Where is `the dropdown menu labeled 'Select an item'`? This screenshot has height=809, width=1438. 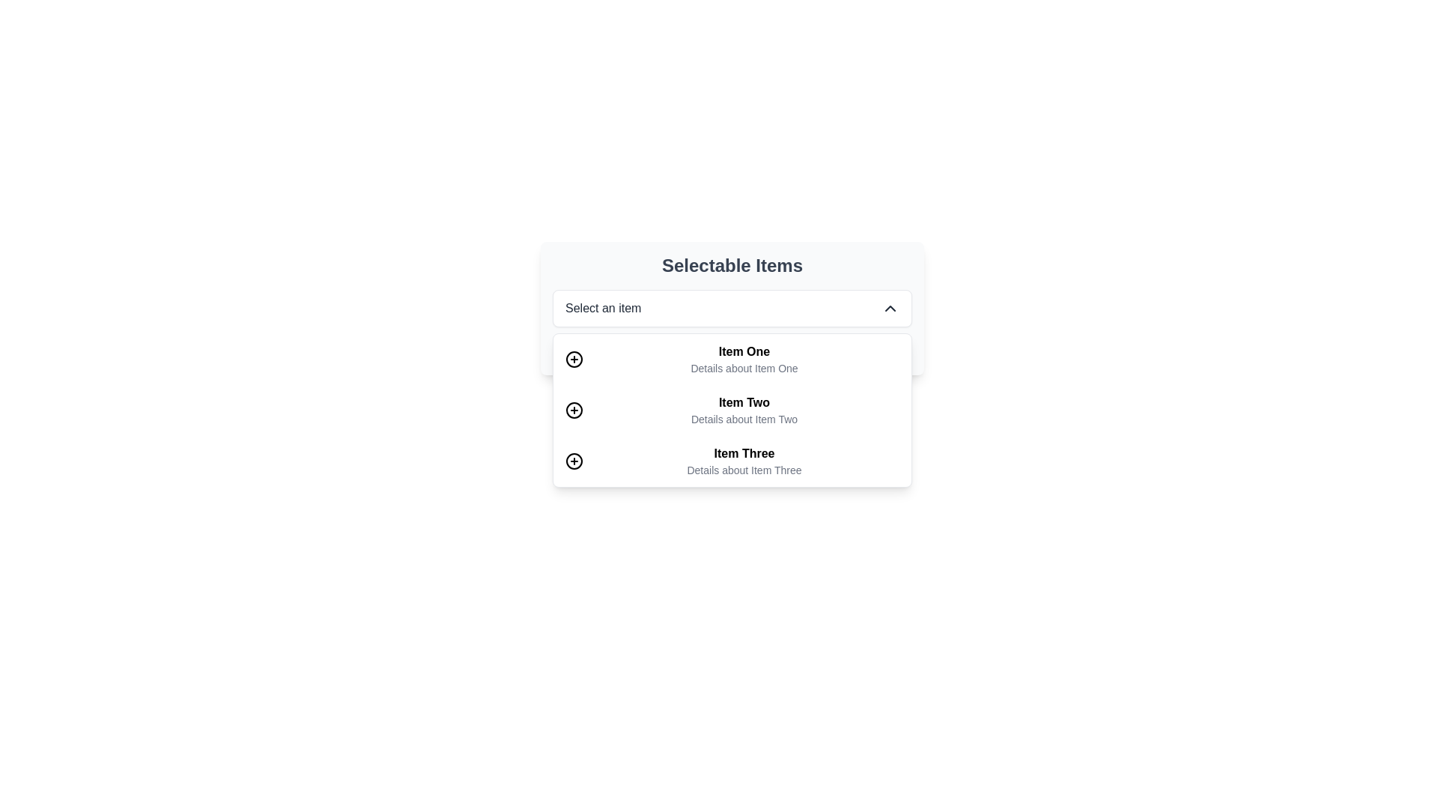 the dropdown menu labeled 'Select an item' is located at coordinates (732, 308).